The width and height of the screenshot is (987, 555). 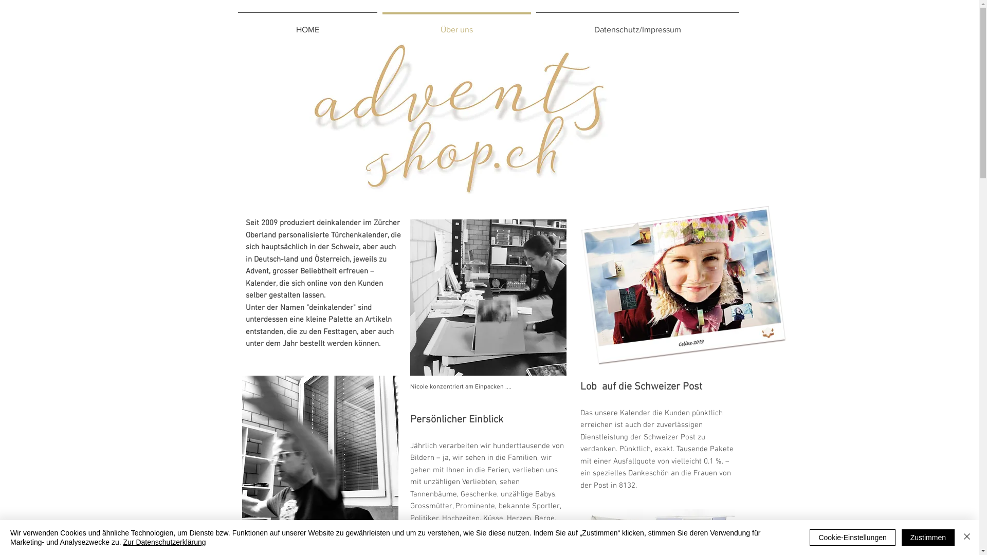 What do you see at coordinates (852, 536) in the screenshot?
I see `'Cookie-Einstellungen'` at bounding box center [852, 536].